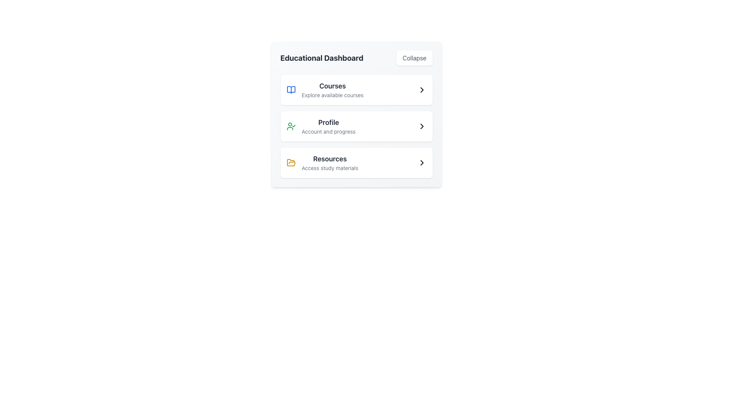  Describe the element at coordinates (356, 126) in the screenshot. I see `the 'Profile' option in the vertical list on the 'Educational Dashboard'` at that location.